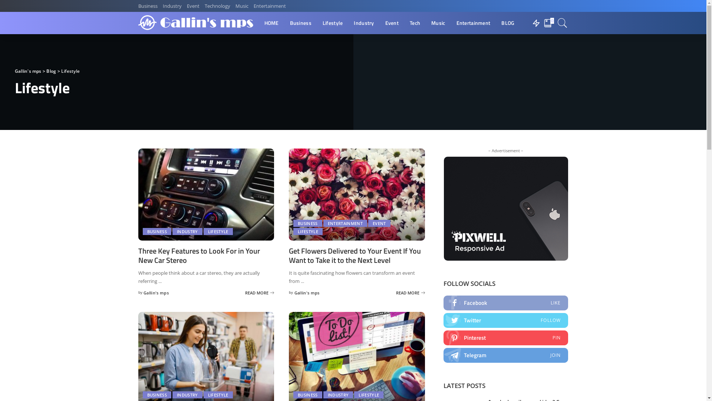  I want to click on 'Pinterest', so click(505, 338).